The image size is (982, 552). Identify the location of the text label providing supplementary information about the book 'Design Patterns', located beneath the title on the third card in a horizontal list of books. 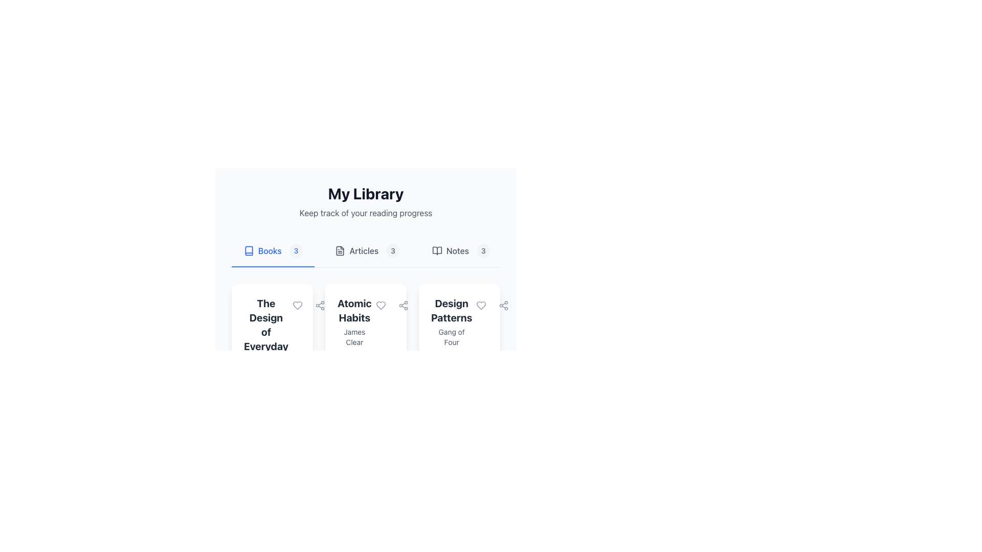
(451, 337).